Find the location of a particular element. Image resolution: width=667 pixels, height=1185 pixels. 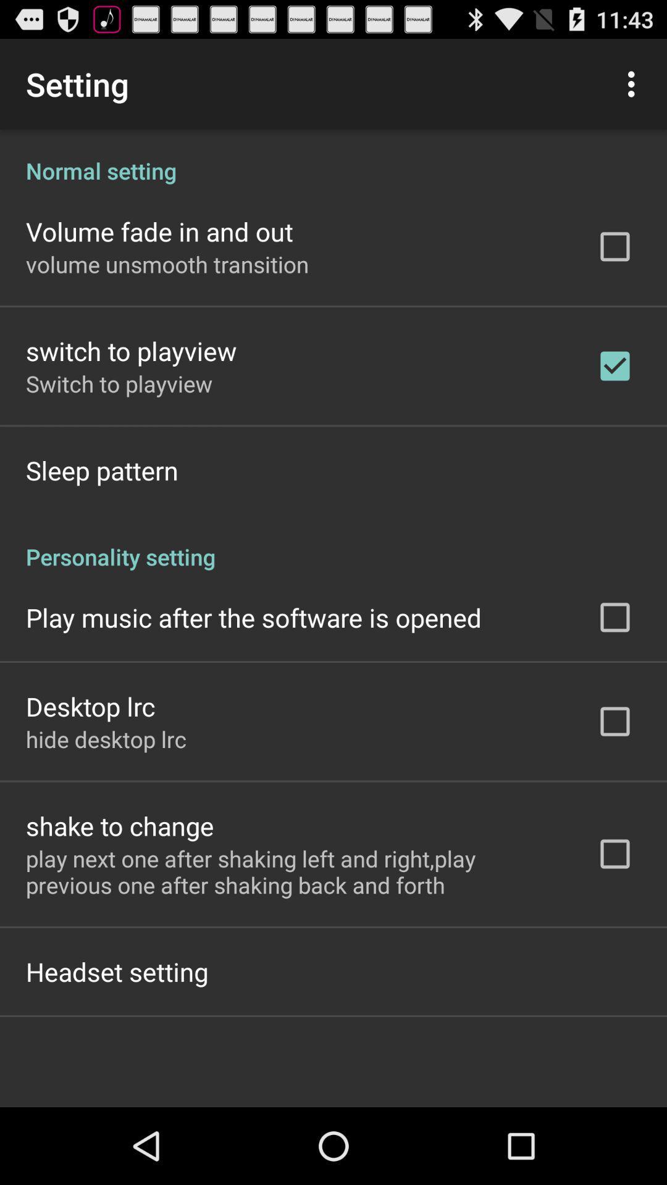

the sleep pattern app is located at coordinates (101, 470).